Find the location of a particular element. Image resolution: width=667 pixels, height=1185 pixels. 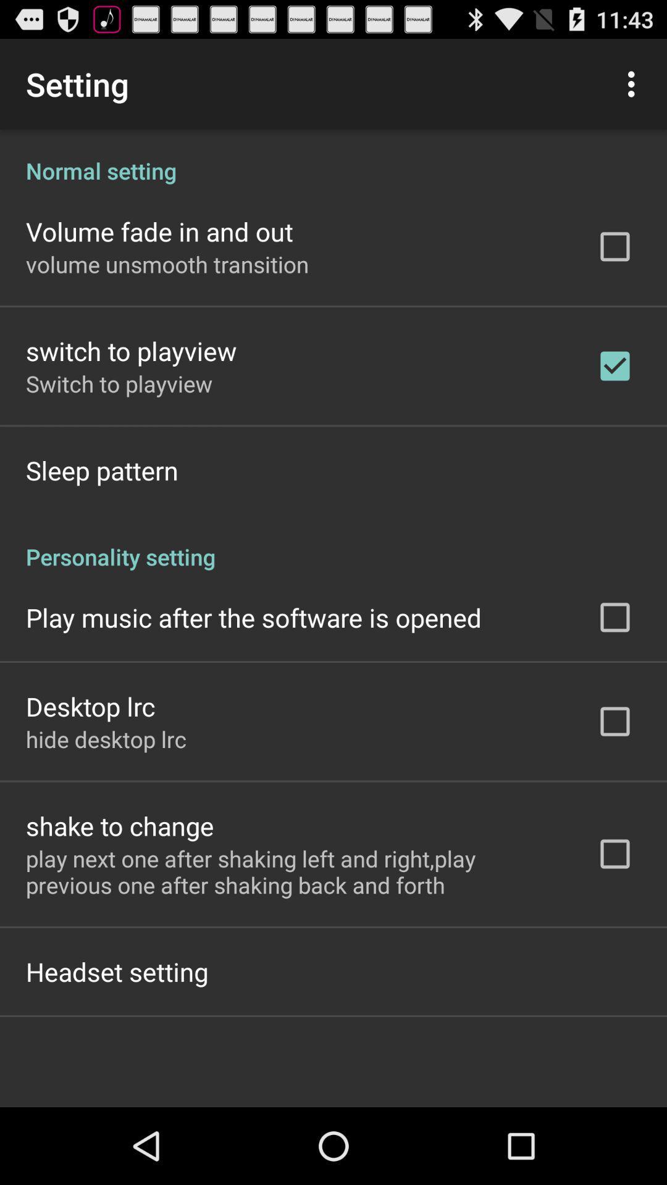

the sleep pattern app is located at coordinates (101, 470).